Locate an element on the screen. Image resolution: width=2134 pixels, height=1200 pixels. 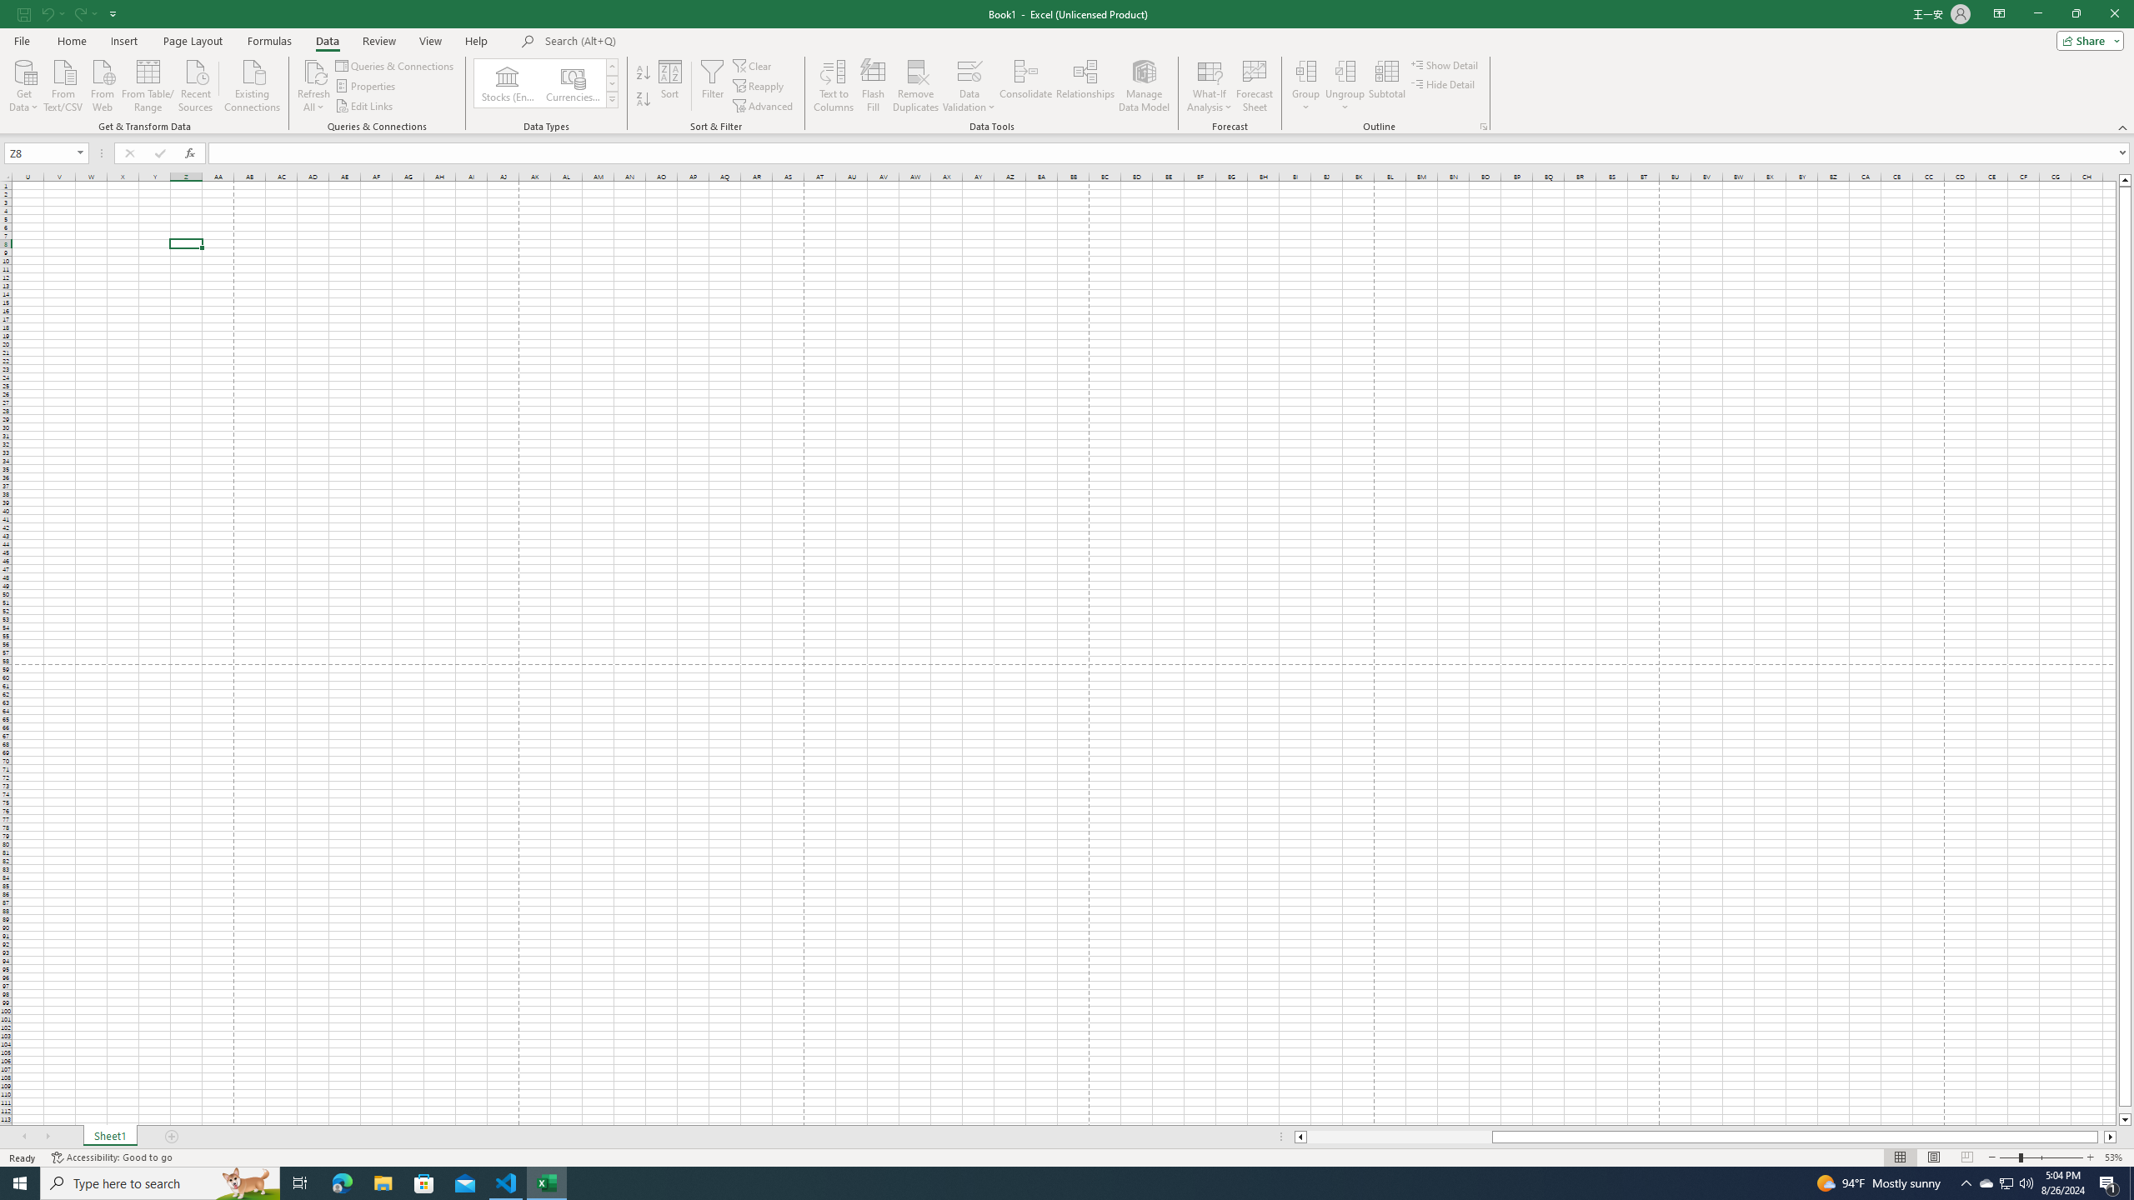
'Consolidate...' is located at coordinates (1026, 86).